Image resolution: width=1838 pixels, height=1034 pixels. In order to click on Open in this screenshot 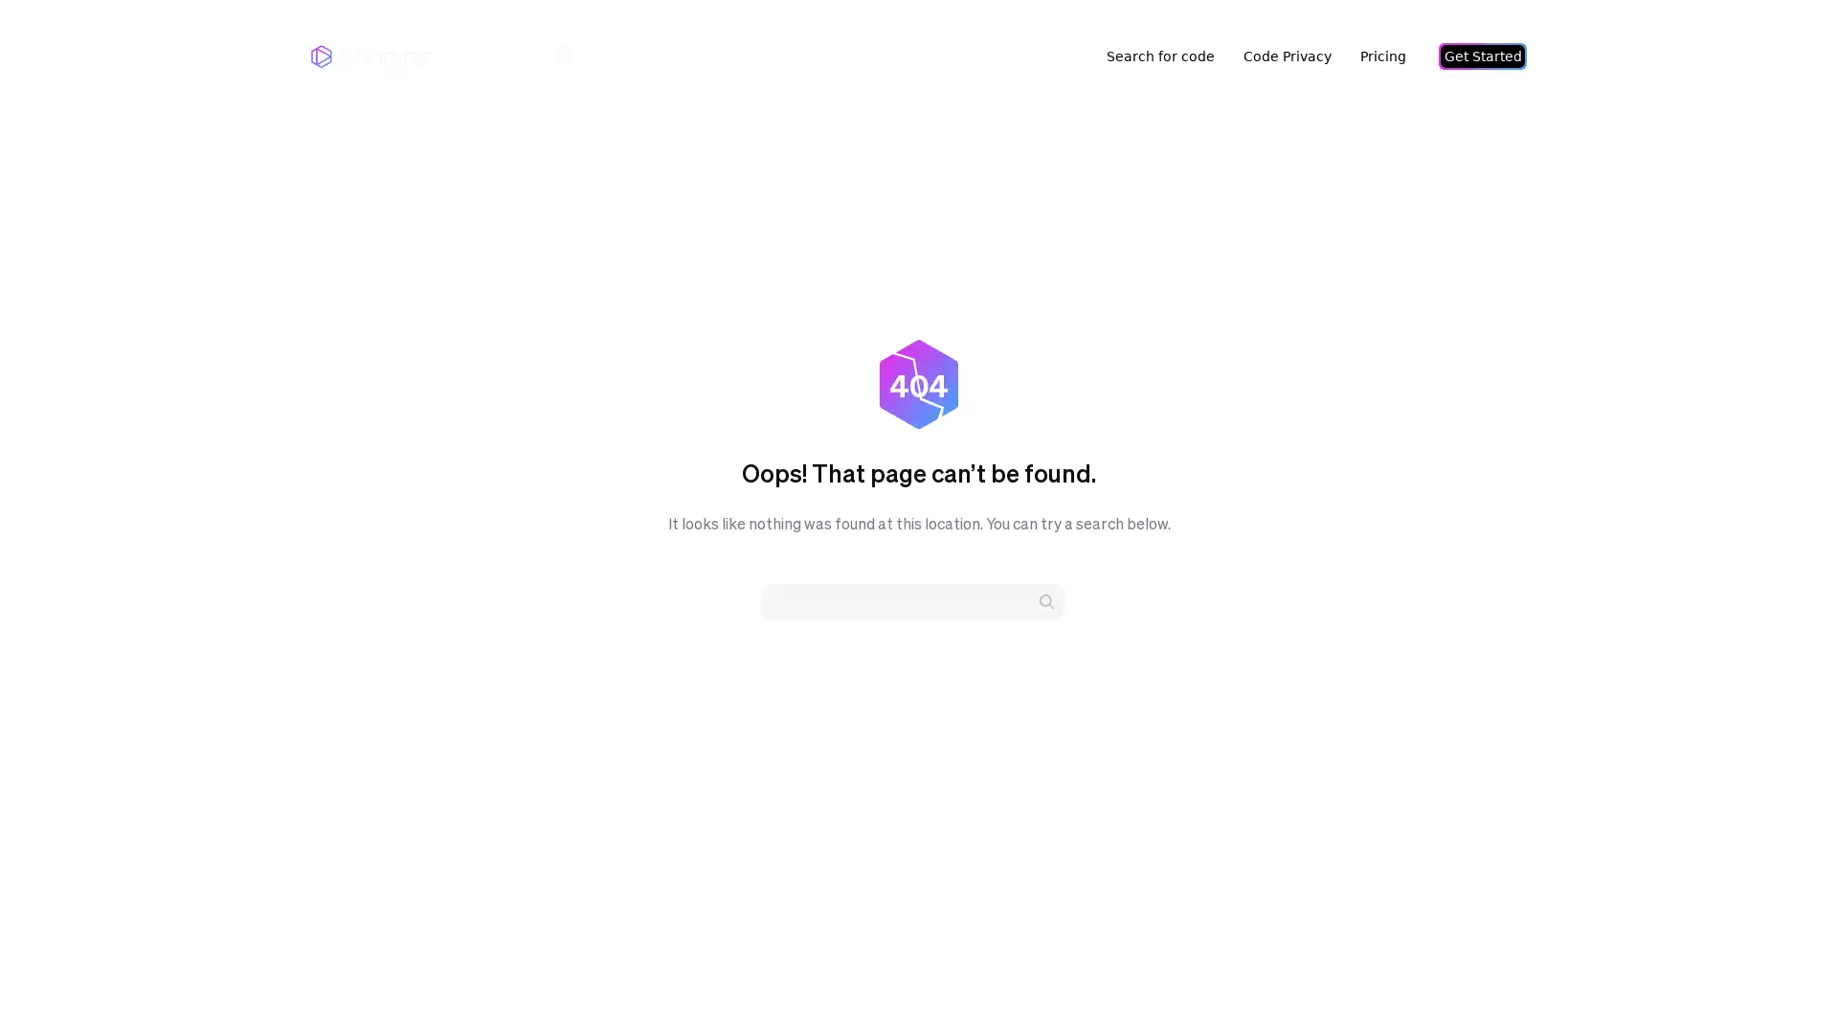, I will do `click(1781, 982)`.